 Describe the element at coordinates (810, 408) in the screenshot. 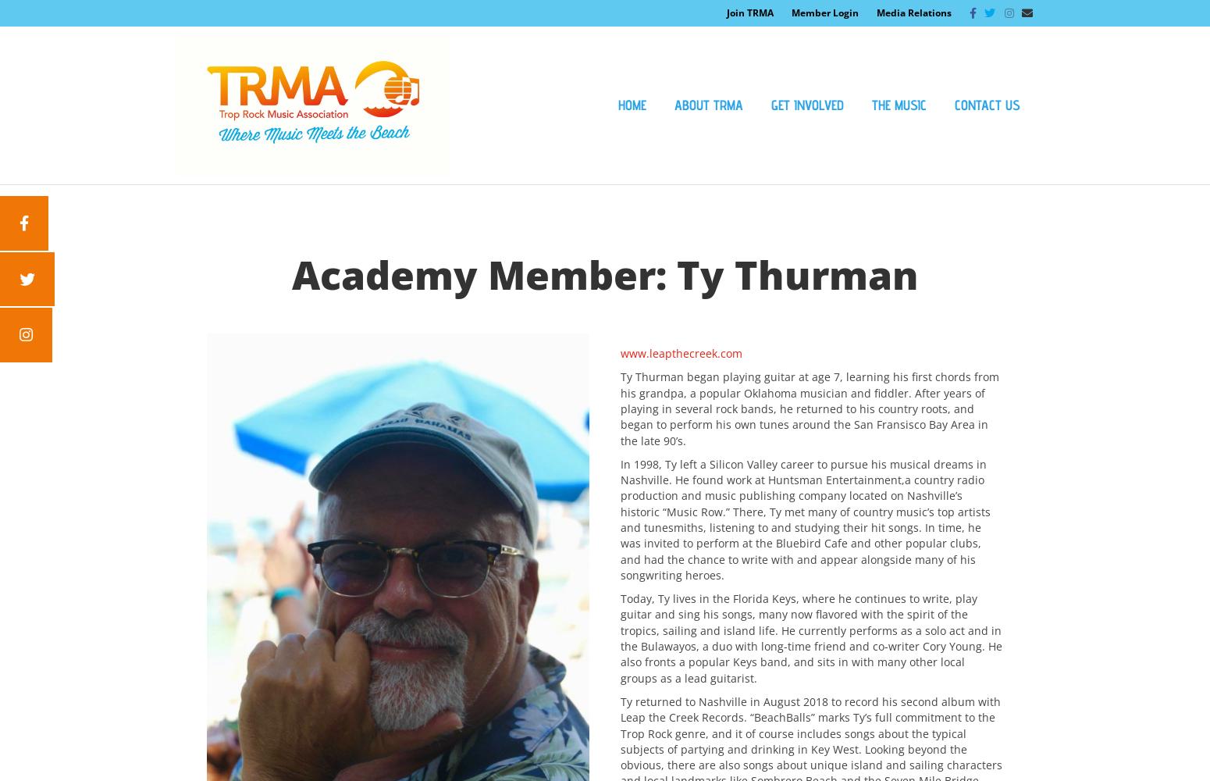

I see `'Ty Thurman began playing guitar at age 7, learning his first chords from his grandpa, a popular Oklahoma musician and fiddler.  After years of playing in several rock bands, he returned to his country roots, and began to perform his own tunes around the San Fransisco Bay Area in the late 90’s.'` at that location.